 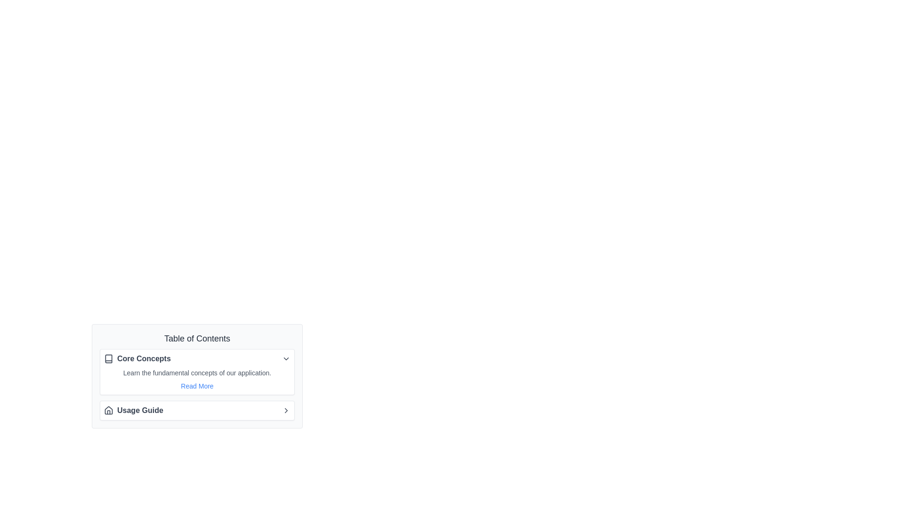 I want to click on the chevron icon located at the far-right end of the 'Usage Guide' row in the content panel below the 'Core Concepts' section for interaction feedback, so click(x=286, y=410).